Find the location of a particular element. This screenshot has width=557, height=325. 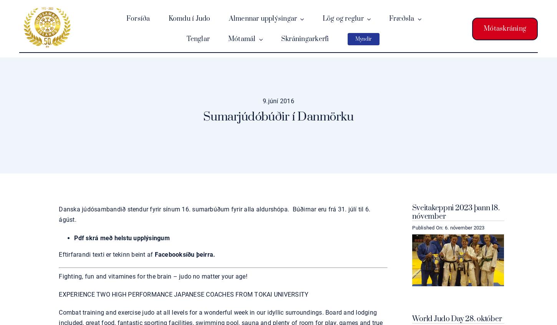

'Mótaskrár' is located at coordinates (249, 80).